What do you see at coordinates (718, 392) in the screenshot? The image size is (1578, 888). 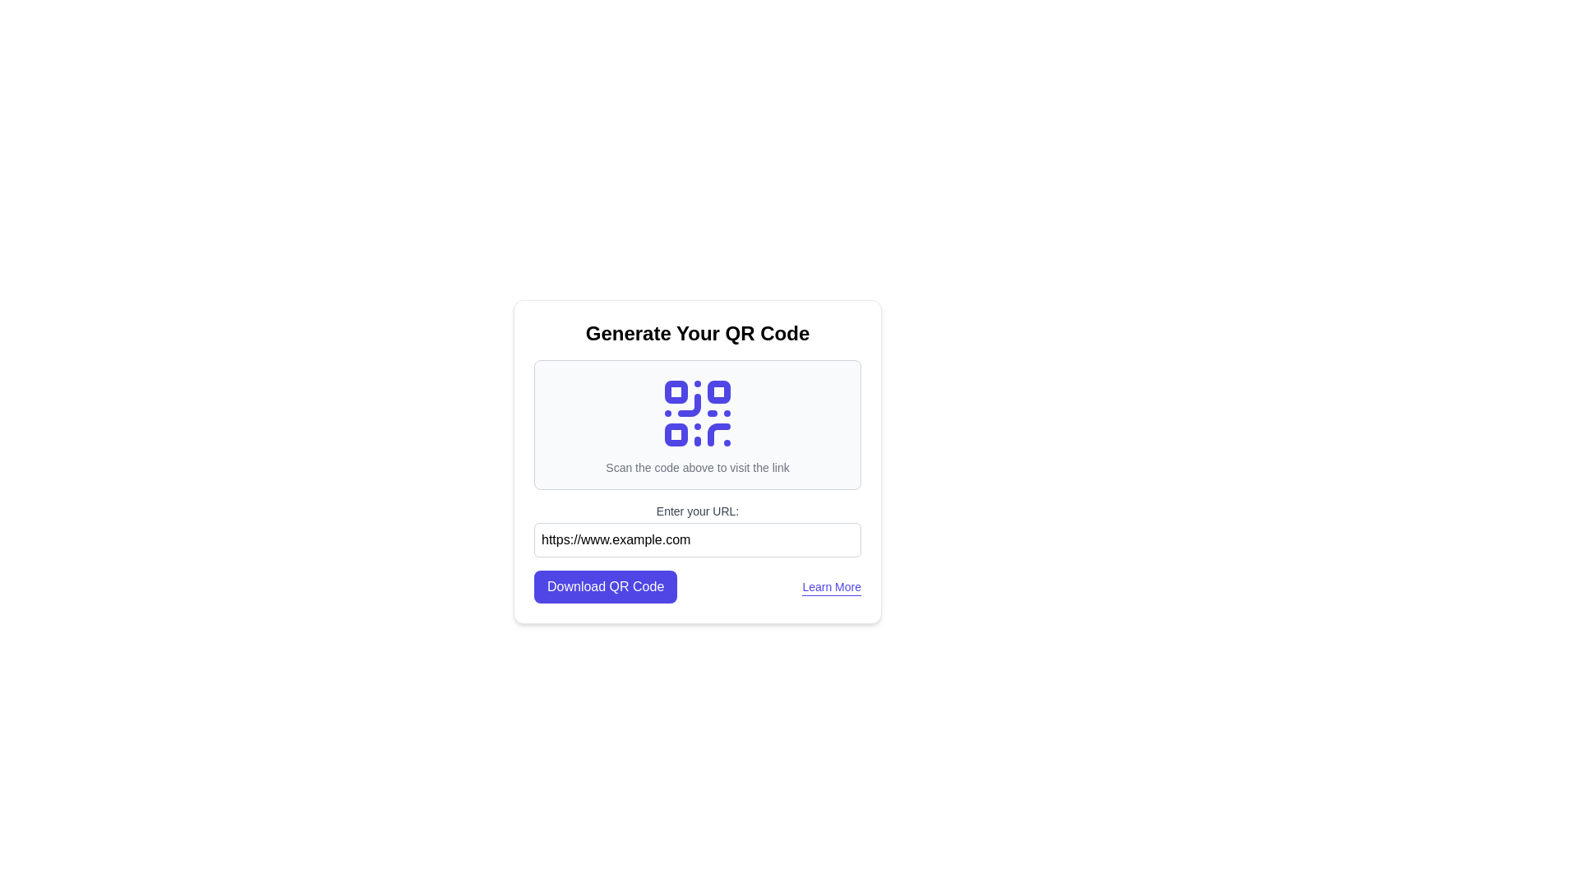 I see `the second square node of the QR code icon, which is a small square with rounded corners located near the top-right corner of the icon` at bounding box center [718, 392].